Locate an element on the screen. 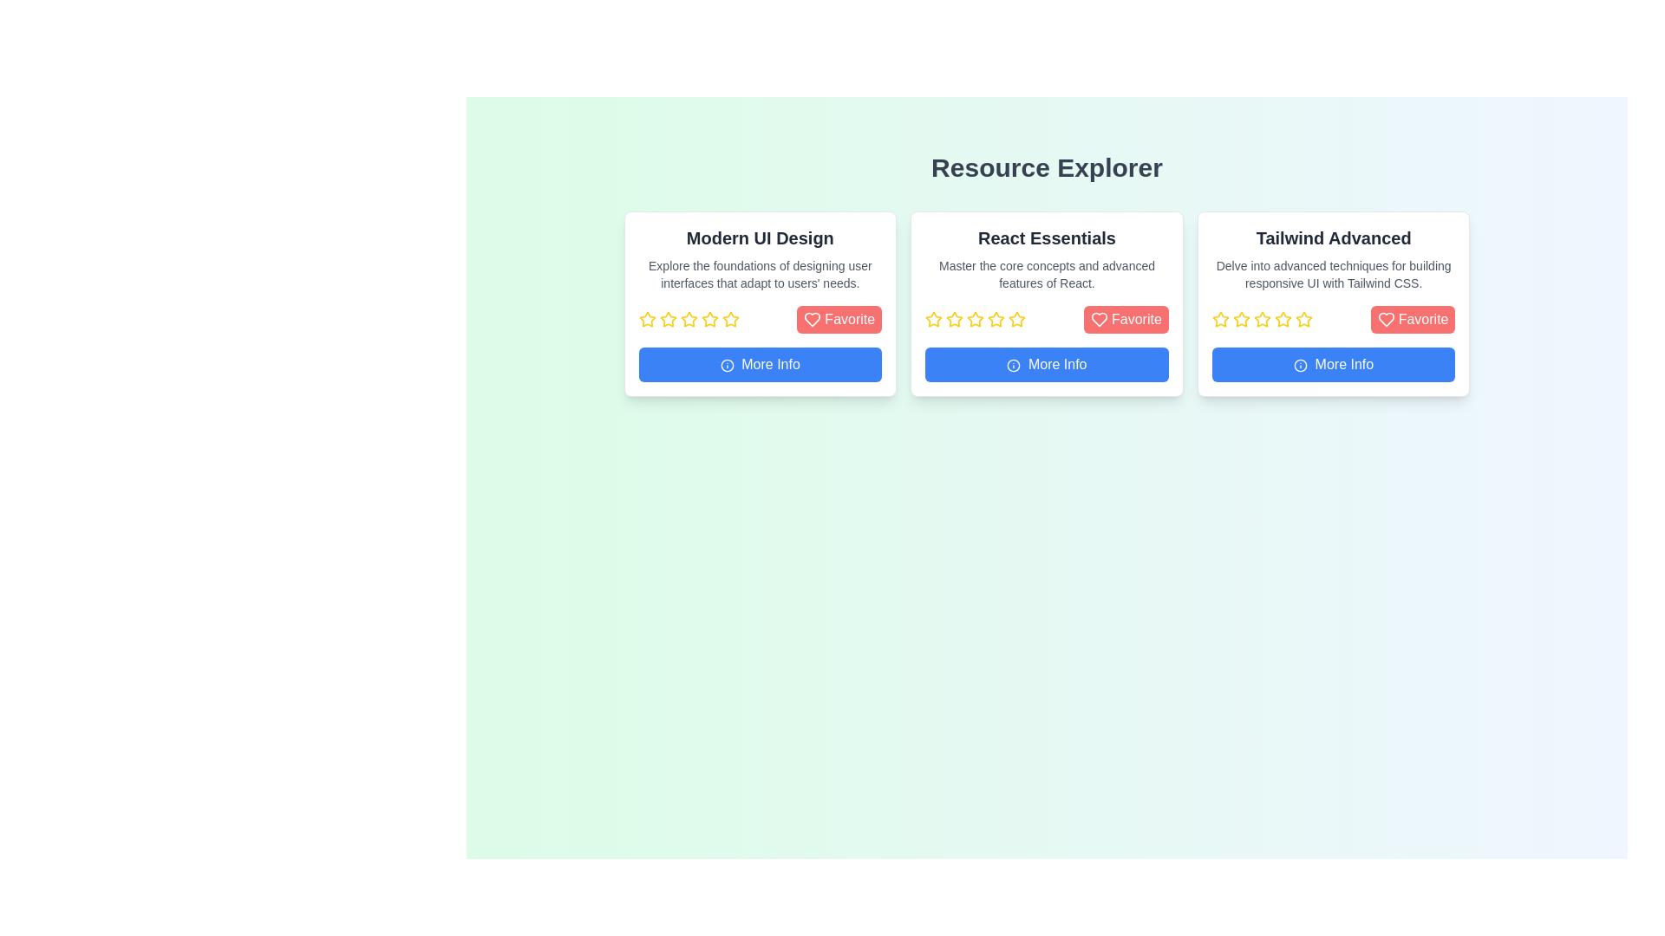 This screenshot has width=1665, height=936. the third yellow outlined star icon in the rating system under the 'React Essentials' card to rate it is located at coordinates (954, 320).